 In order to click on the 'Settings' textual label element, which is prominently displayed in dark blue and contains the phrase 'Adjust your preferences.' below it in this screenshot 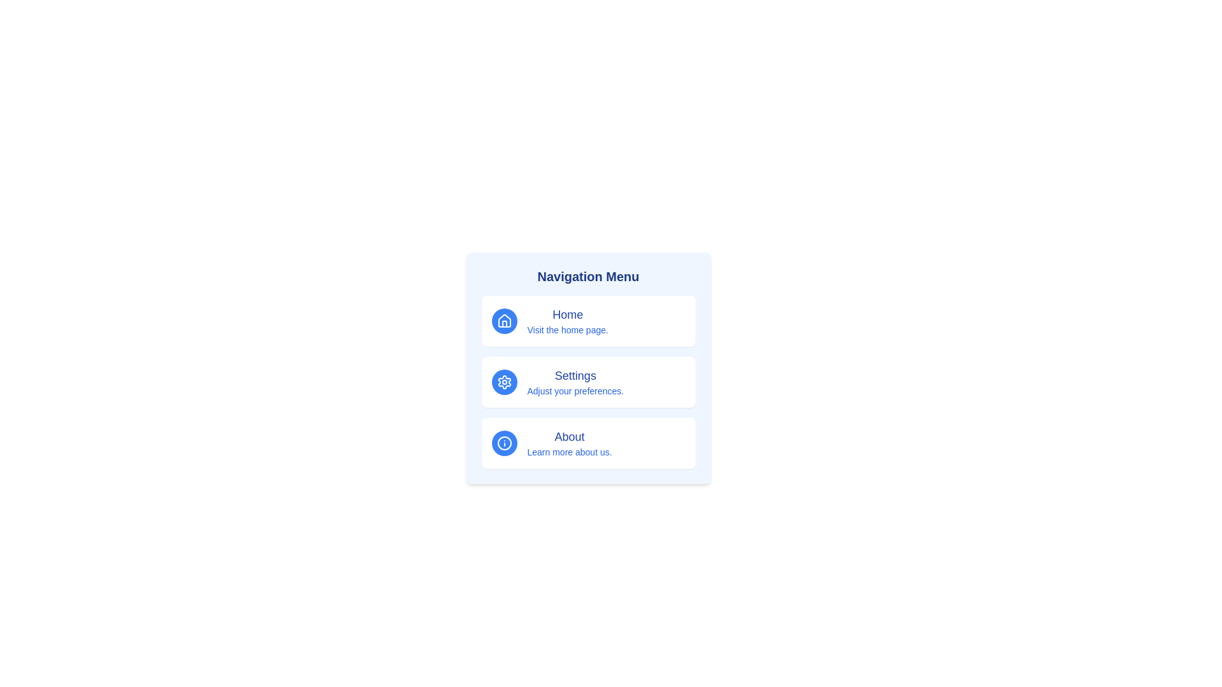, I will do `click(575, 382)`.